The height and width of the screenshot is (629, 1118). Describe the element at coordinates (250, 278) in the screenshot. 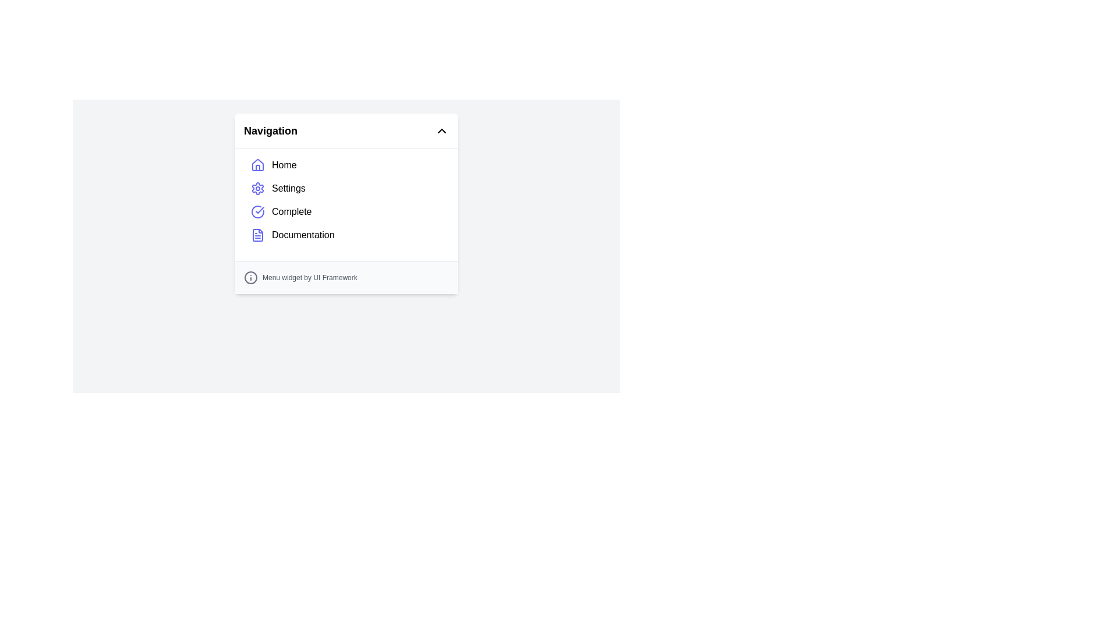

I see `the circular outline element, which is part of a compact icon located at the mid-bottom of the dialog box` at that location.